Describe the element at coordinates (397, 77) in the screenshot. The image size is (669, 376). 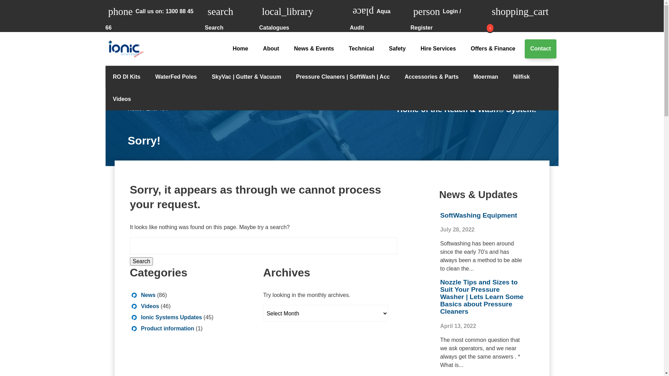
I see `'Accessories & Parts'` at that location.